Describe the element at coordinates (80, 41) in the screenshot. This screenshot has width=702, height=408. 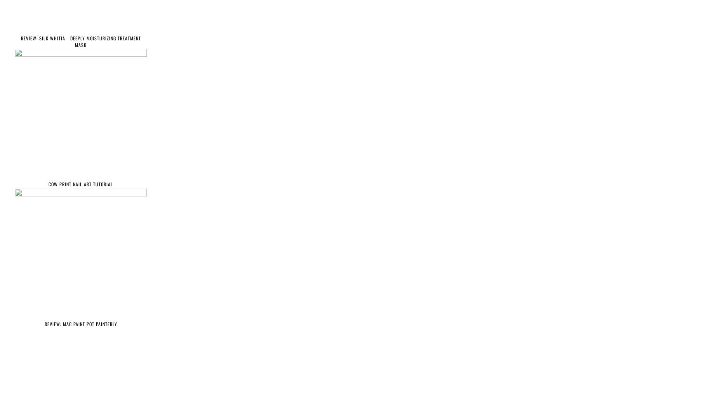
I see `'Review: Silk Whitia - Deeply Moisturizing Treatment Mask'` at that location.